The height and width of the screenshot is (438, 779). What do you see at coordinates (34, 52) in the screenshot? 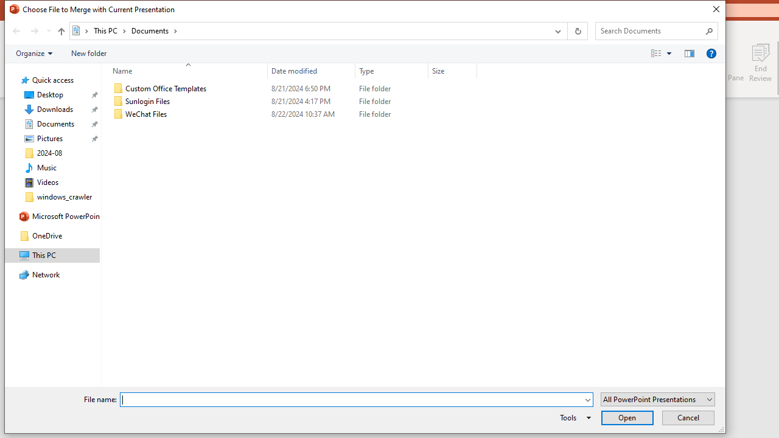
I see `'Organize'` at bounding box center [34, 52].